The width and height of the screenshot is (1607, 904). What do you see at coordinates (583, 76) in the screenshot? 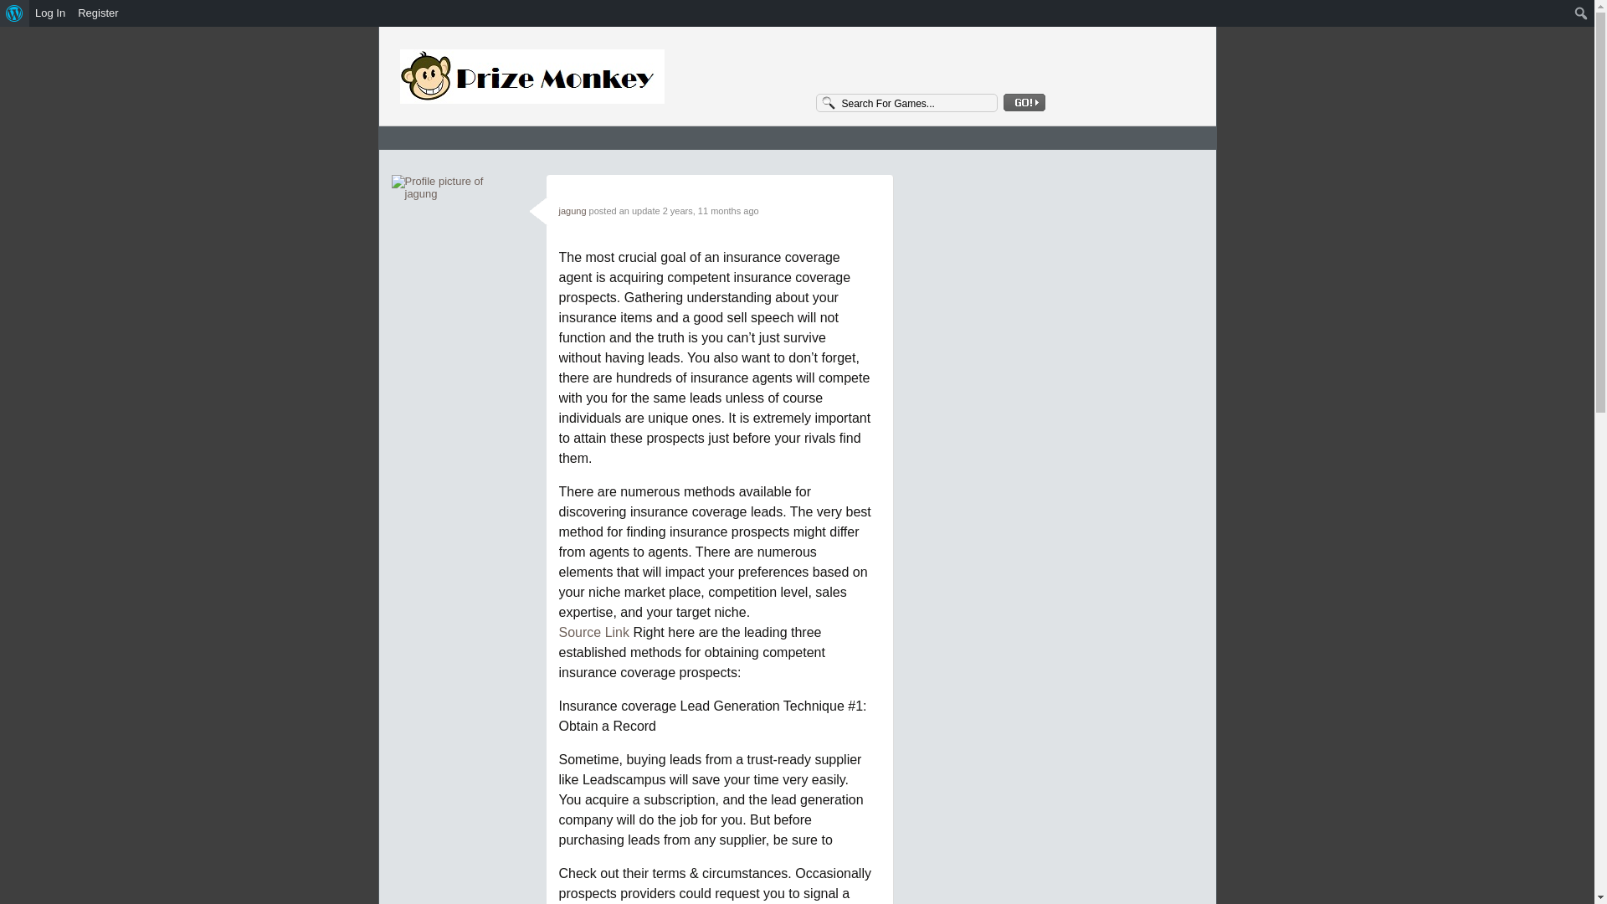
I see `'3StarOnly'` at bounding box center [583, 76].